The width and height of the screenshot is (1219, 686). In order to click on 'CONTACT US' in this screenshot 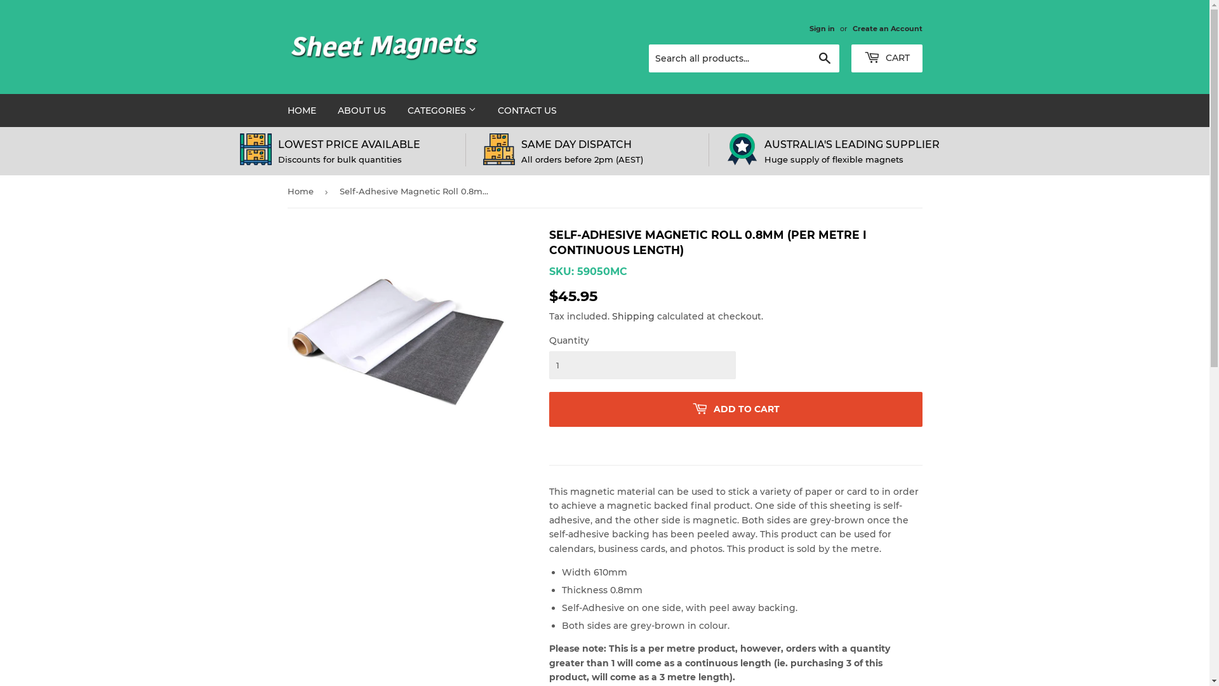, I will do `click(487, 109)`.